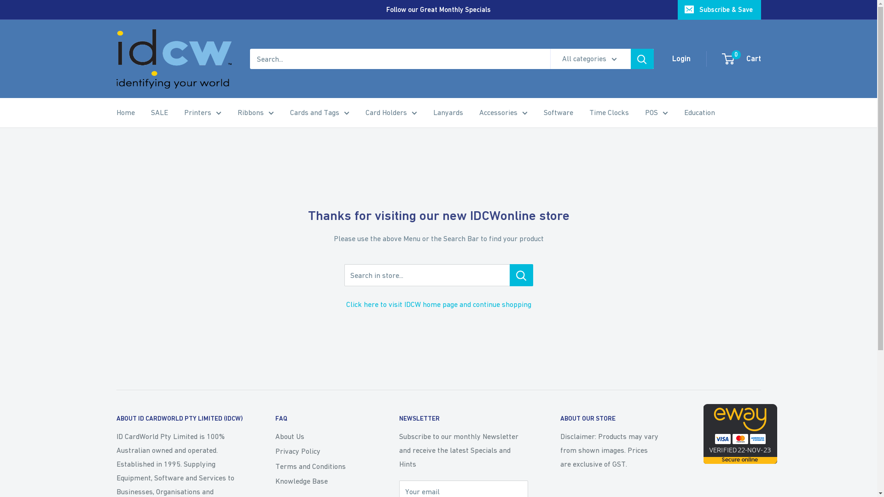 The image size is (884, 497). Describe the element at coordinates (742, 58) in the screenshot. I see `'0` at that location.